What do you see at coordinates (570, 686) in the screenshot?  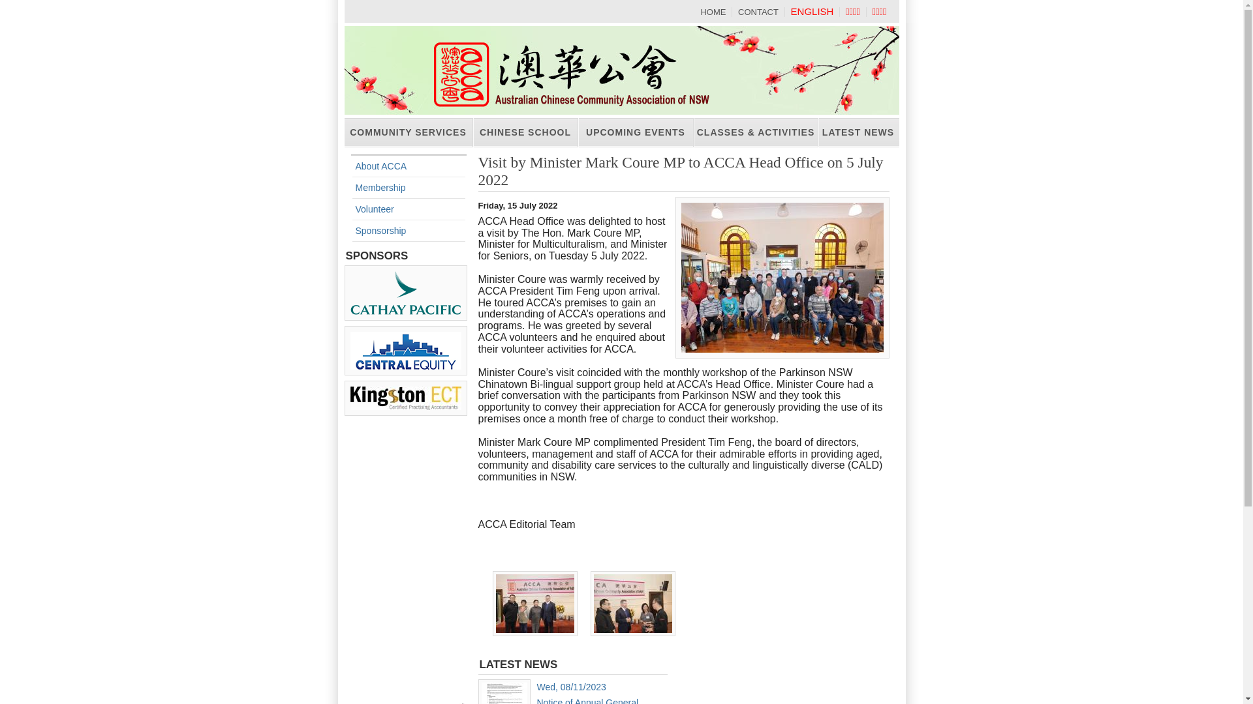 I see `'Wed, 08/11/2023'` at bounding box center [570, 686].